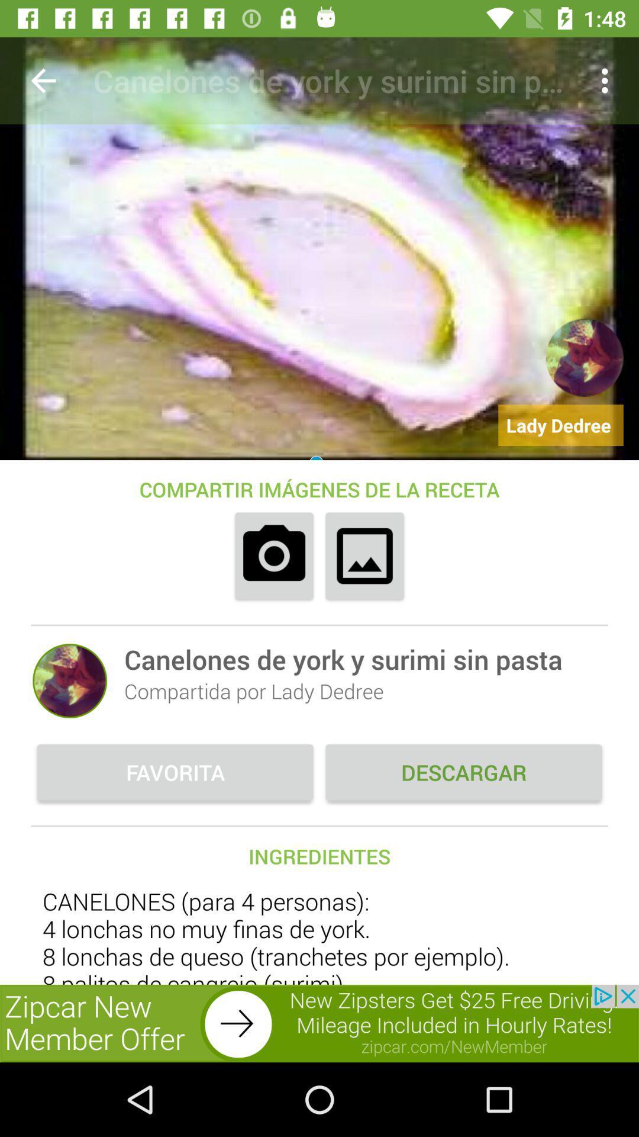 The image size is (639, 1137). What do you see at coordinates (364, 555) in the screenshot?
I see `the wallpaper icon` at bounding box center [364, 555].